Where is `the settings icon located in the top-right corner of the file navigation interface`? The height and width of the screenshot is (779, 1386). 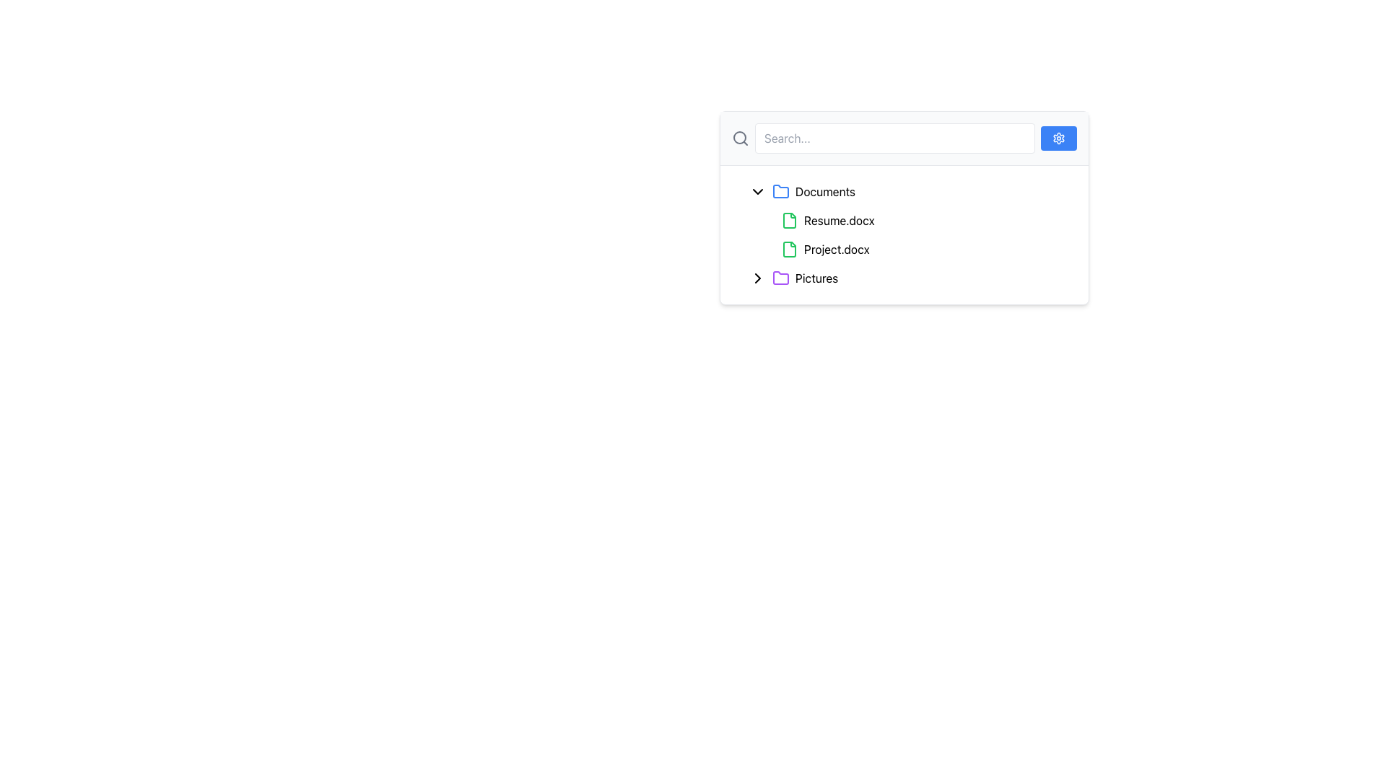 the settings icon located in the top-right corner of the file navigation interface is located at coordinates (1059, 138).